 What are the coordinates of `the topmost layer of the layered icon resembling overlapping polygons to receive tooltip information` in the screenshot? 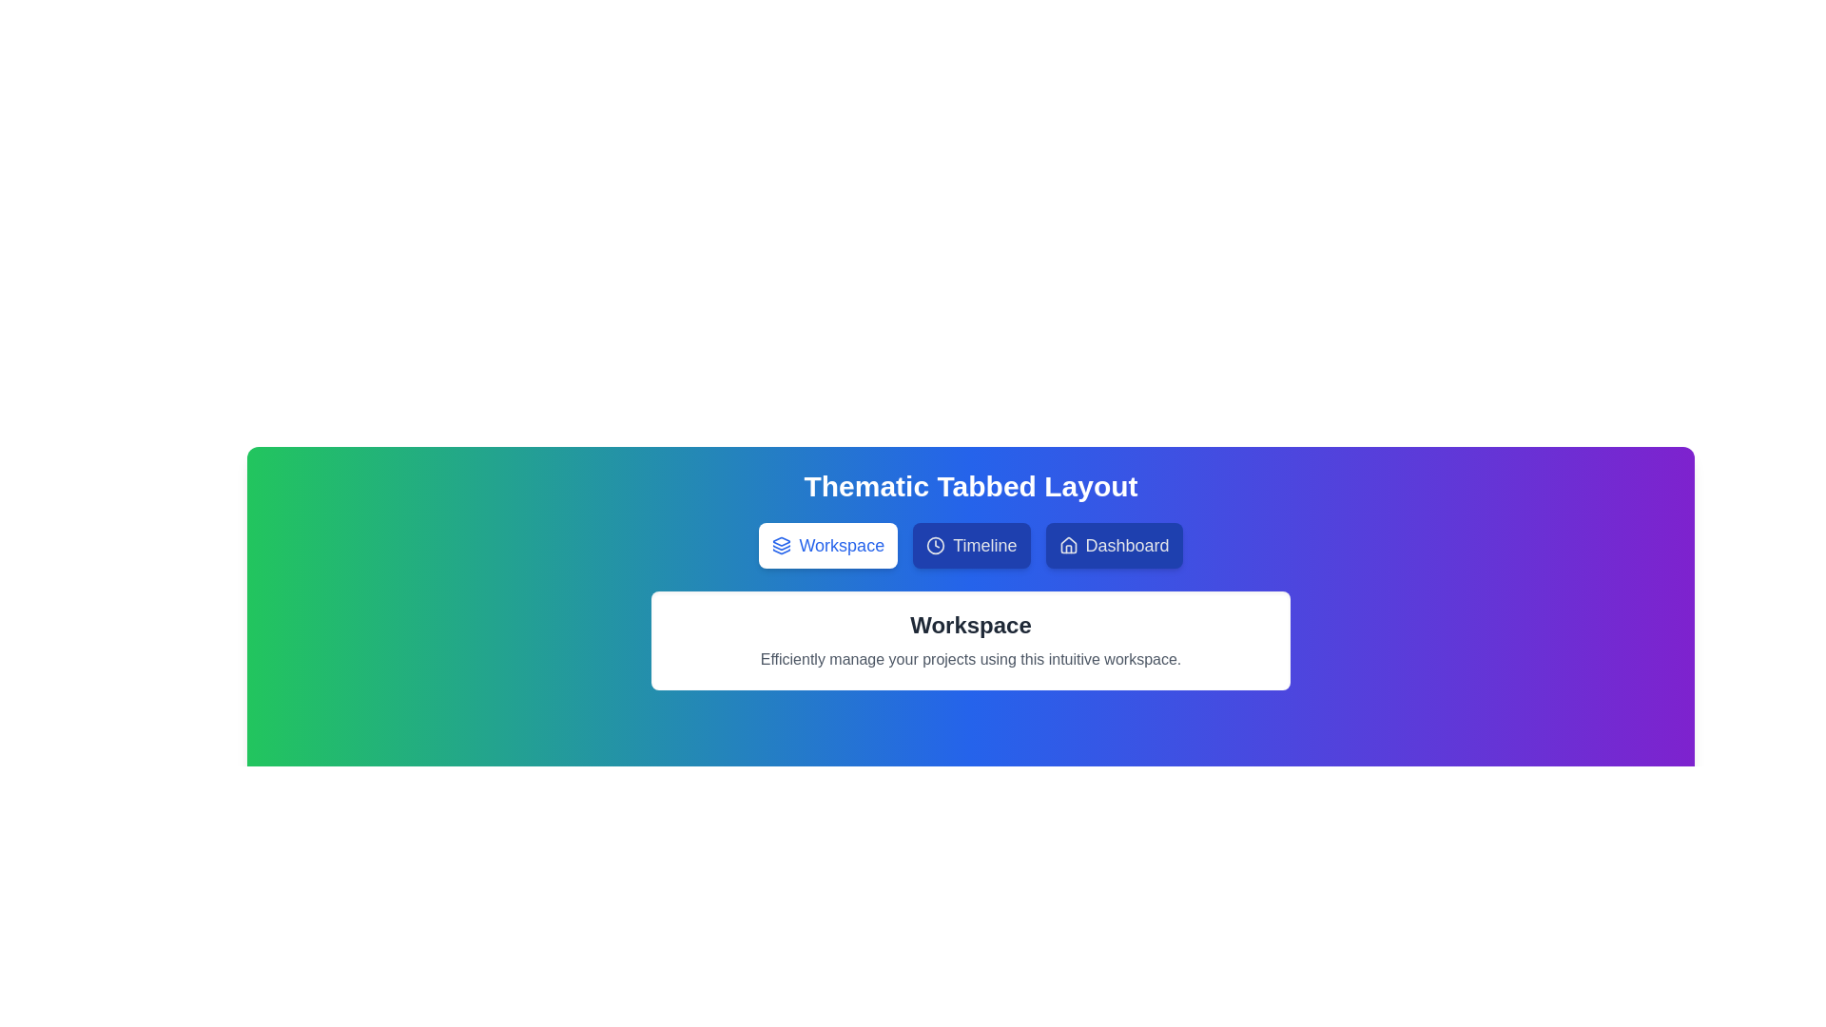 It's located at (782, 541).